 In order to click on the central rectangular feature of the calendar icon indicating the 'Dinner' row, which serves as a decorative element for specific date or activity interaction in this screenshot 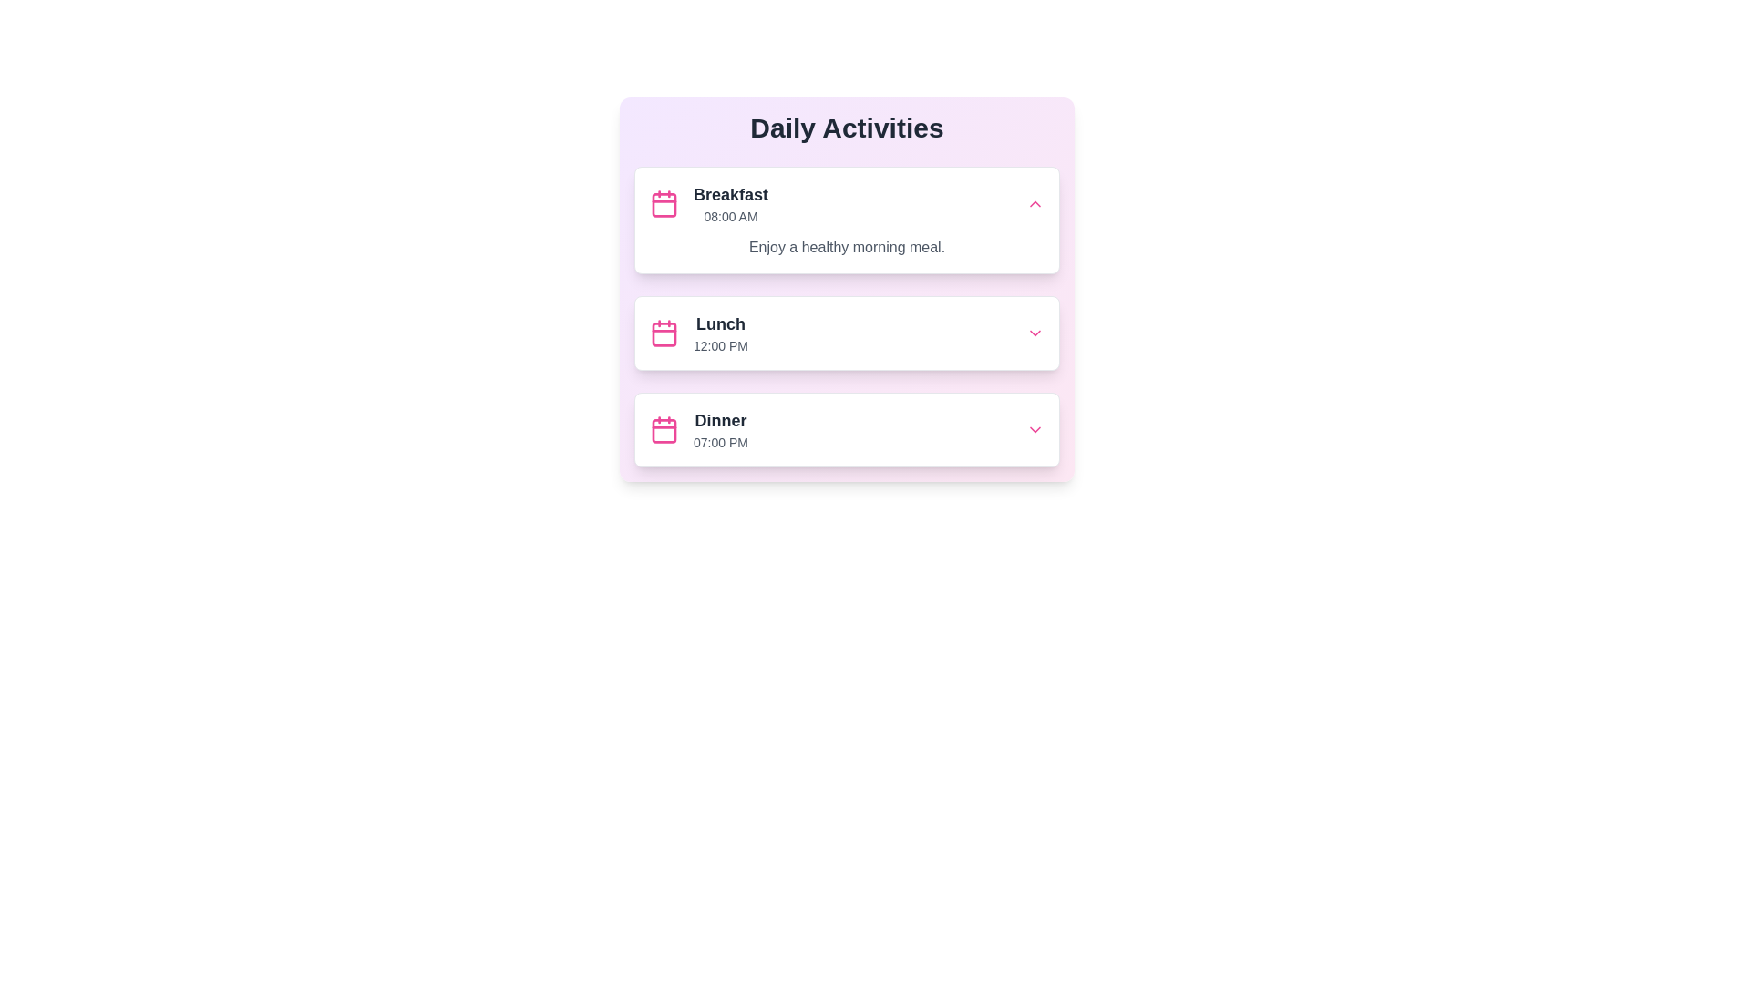, I will do `click(664, 431)`.